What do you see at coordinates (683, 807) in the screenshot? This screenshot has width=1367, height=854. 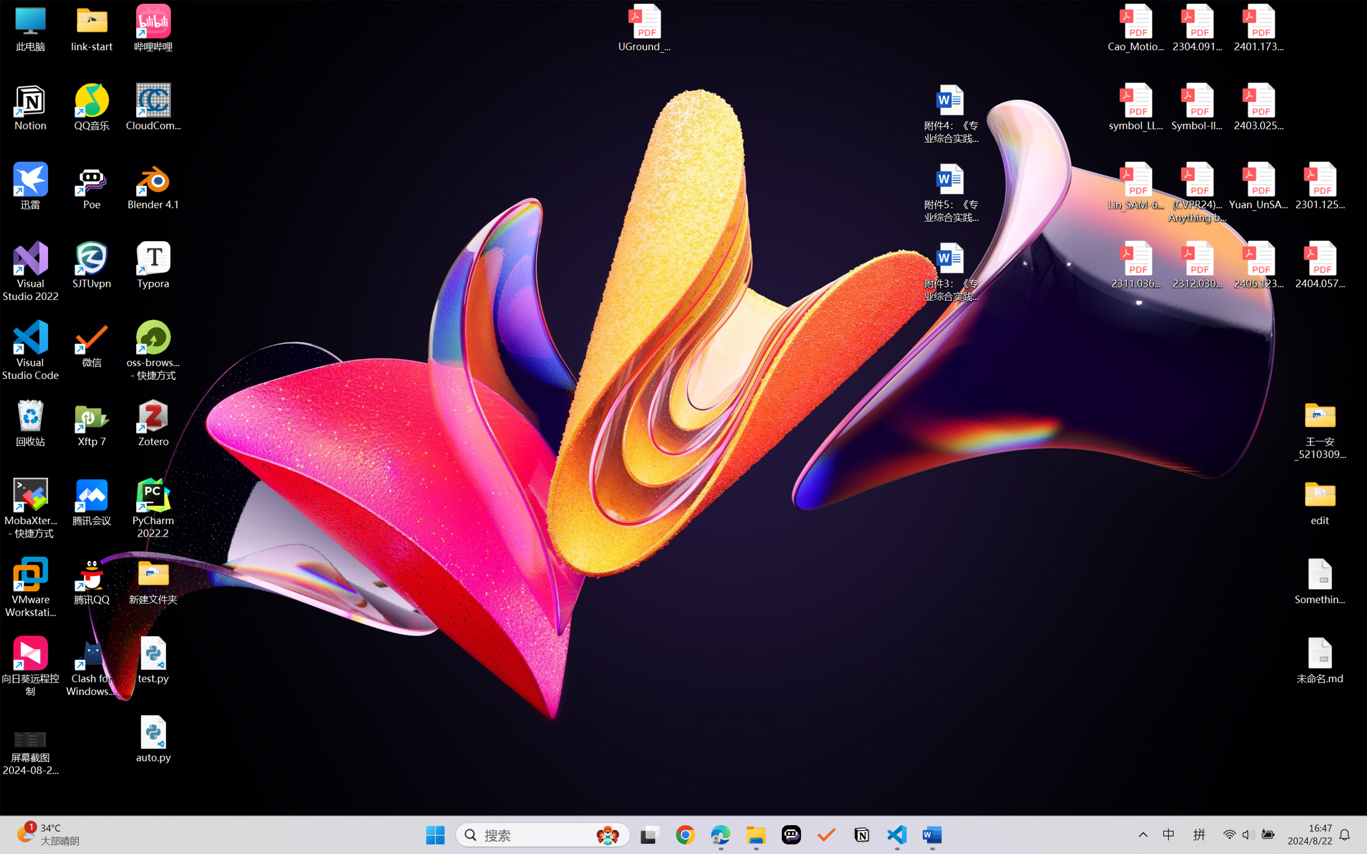 I see `'Class: MsoCommandBar'` at bounding box center [683, 807].